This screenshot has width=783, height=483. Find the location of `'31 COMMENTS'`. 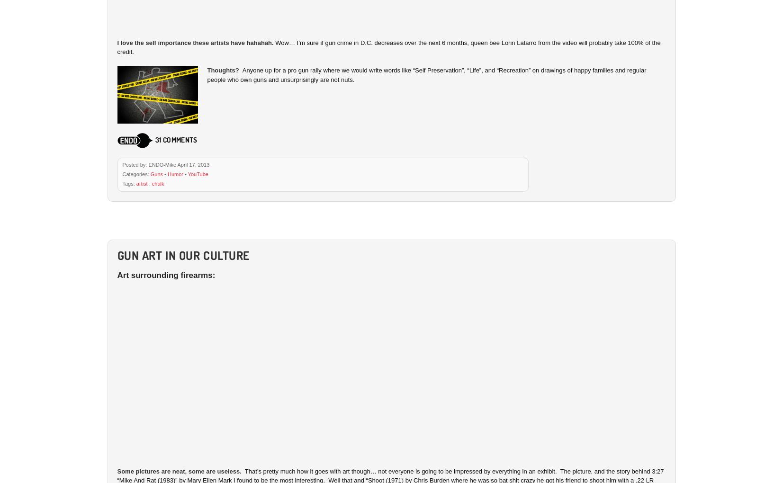

'31 COMMENTS' is located at coordinates (175, 139).